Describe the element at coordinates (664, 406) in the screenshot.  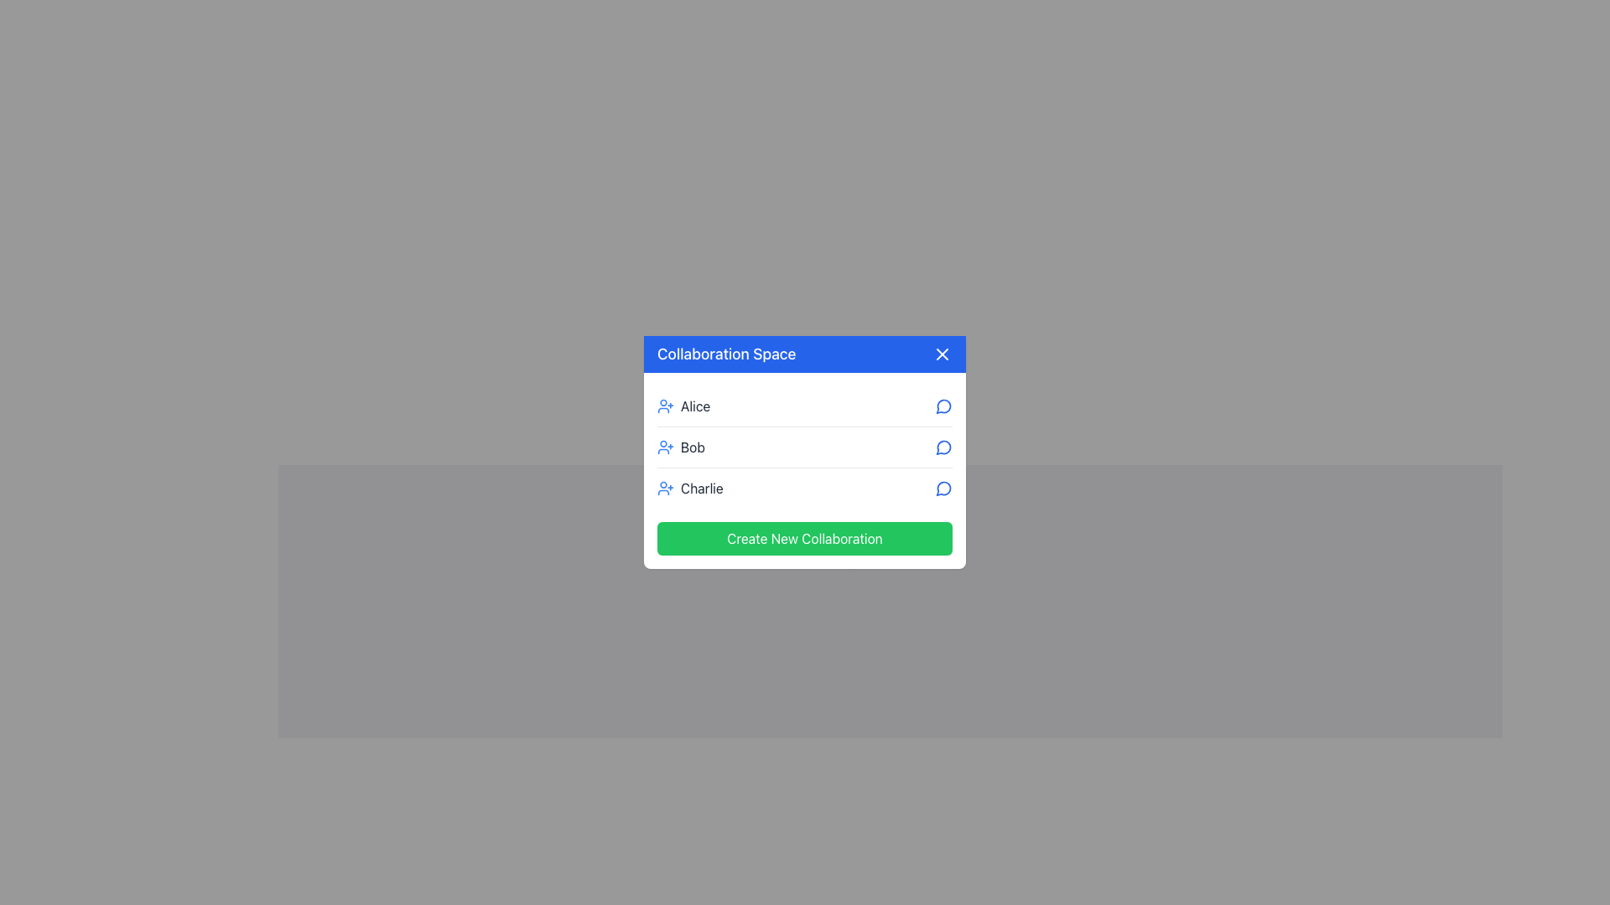
I see `the blue icon to the left of the text label 'Alice' in the first row of the user list in the 'Collaboration Space' dialog box to initiate an action` at that location.